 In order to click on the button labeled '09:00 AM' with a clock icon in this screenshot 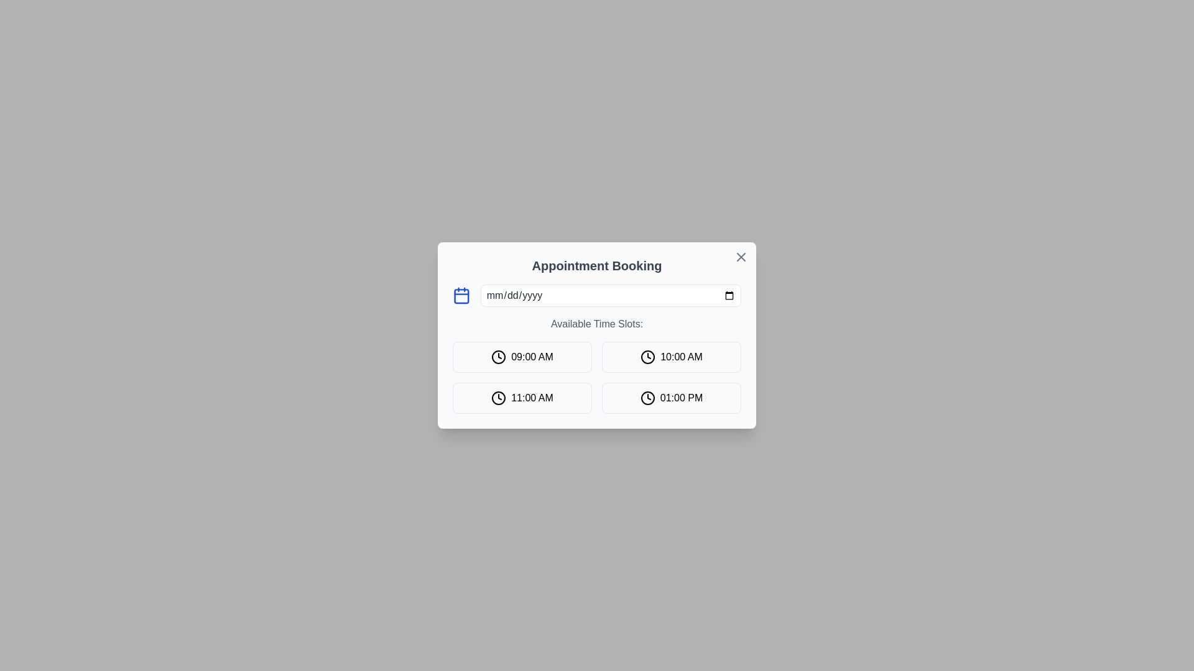, I will do `click(522, 357)`.